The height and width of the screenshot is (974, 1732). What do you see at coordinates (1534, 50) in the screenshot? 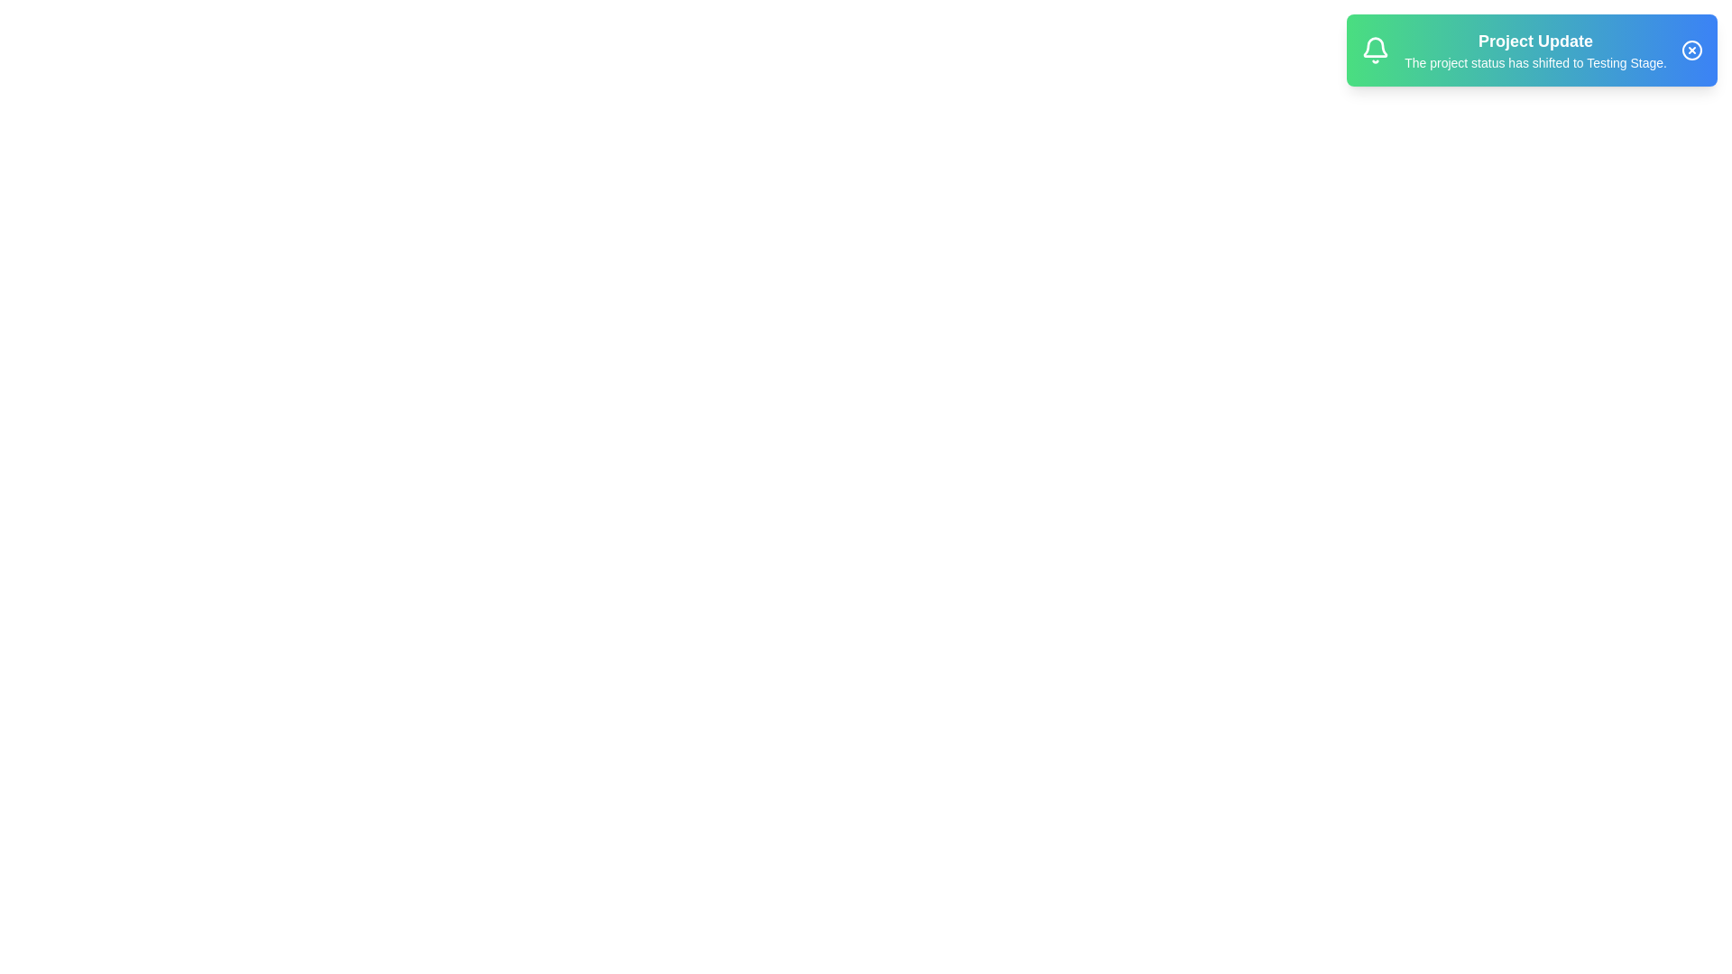
I see `the notification text area to read the message` at bounding box center [1534, 50].